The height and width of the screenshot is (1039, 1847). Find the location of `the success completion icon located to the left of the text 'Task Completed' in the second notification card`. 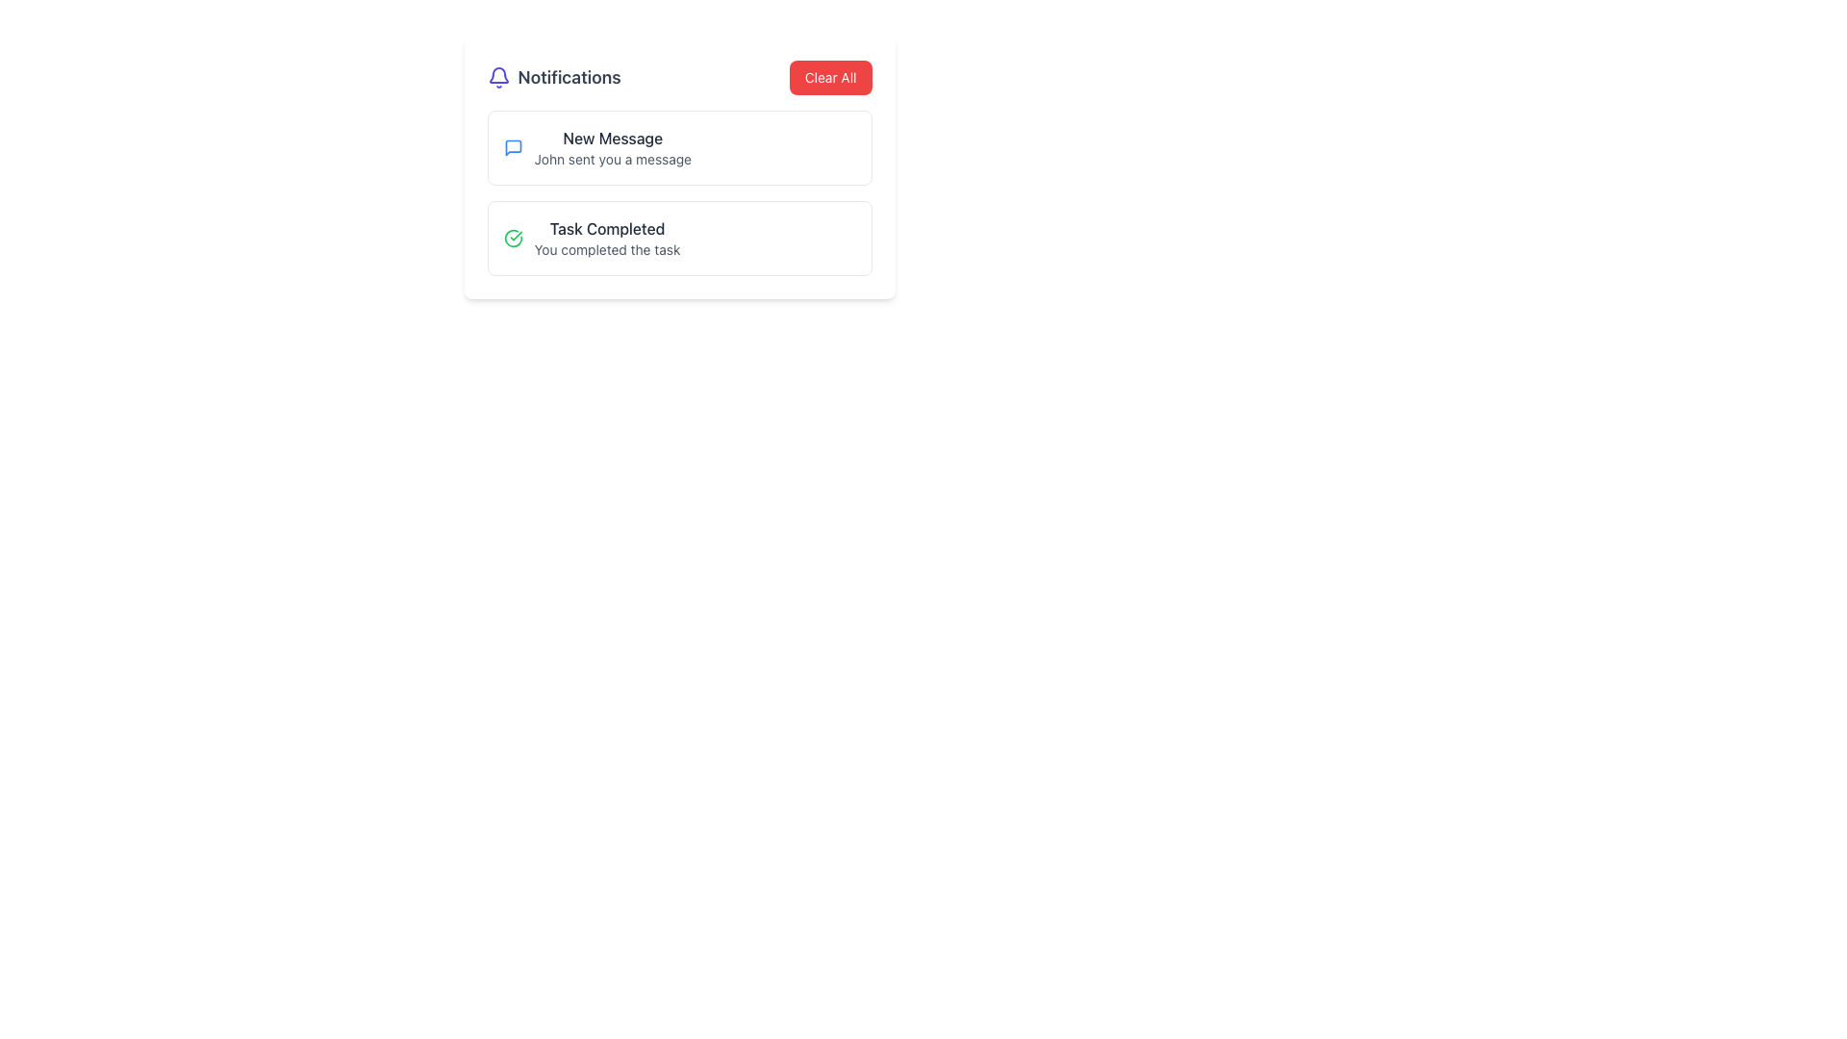

the success completion icon located to the left of the text 'Task Completed' in the second notification card is located at coordinates (513, 237).